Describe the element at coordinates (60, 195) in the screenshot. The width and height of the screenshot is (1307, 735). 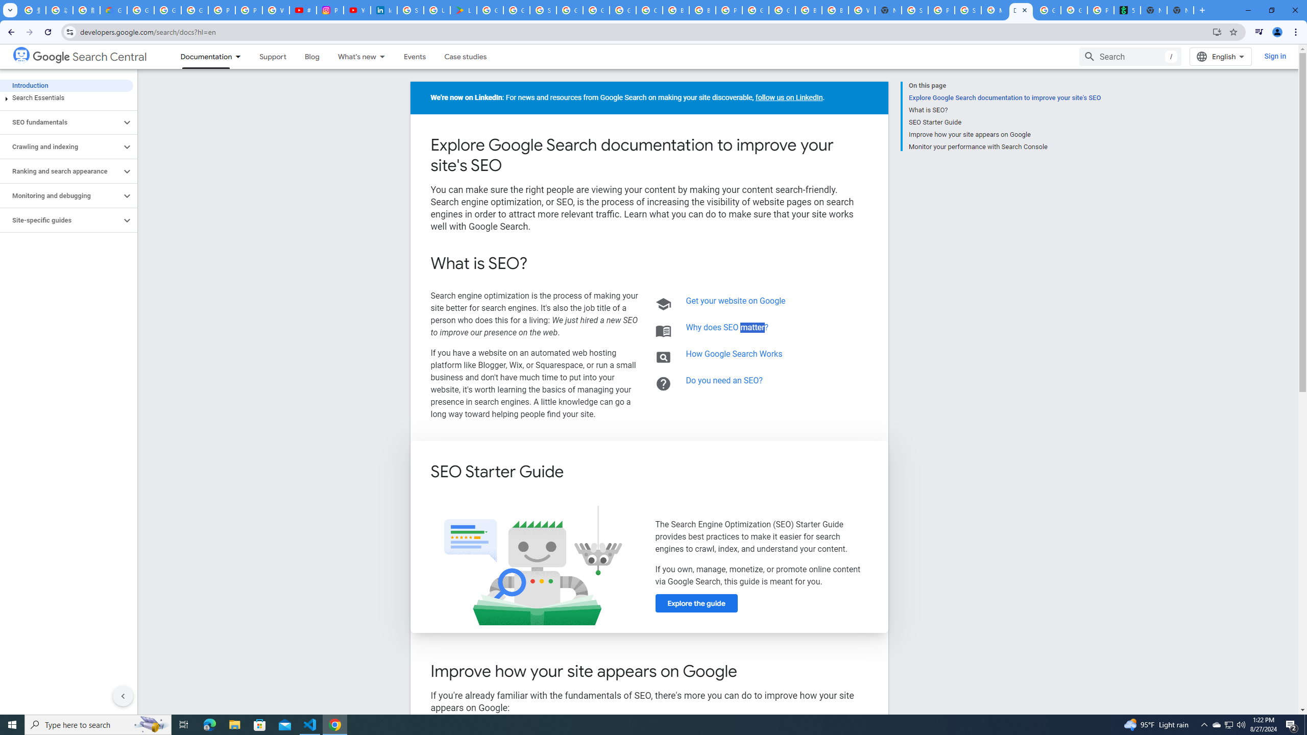
I see `'Monitoring and debugging'` at that location.